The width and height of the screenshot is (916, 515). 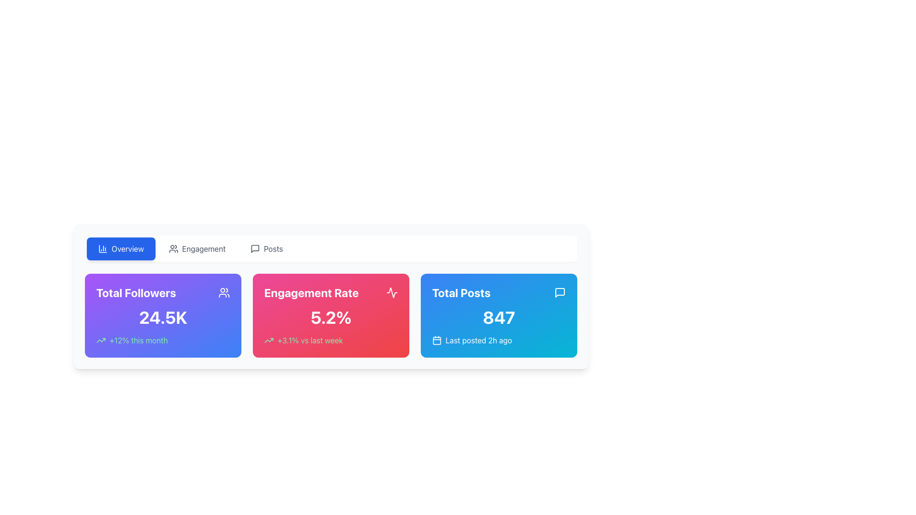 What do you see at coordinates (392, 292) in the screenshot?
I see `the decorative icon located in the top-right corner of the 'Engagement Rate' card, which represents activity or trends related to engagement` at bounding box center [392, 292].